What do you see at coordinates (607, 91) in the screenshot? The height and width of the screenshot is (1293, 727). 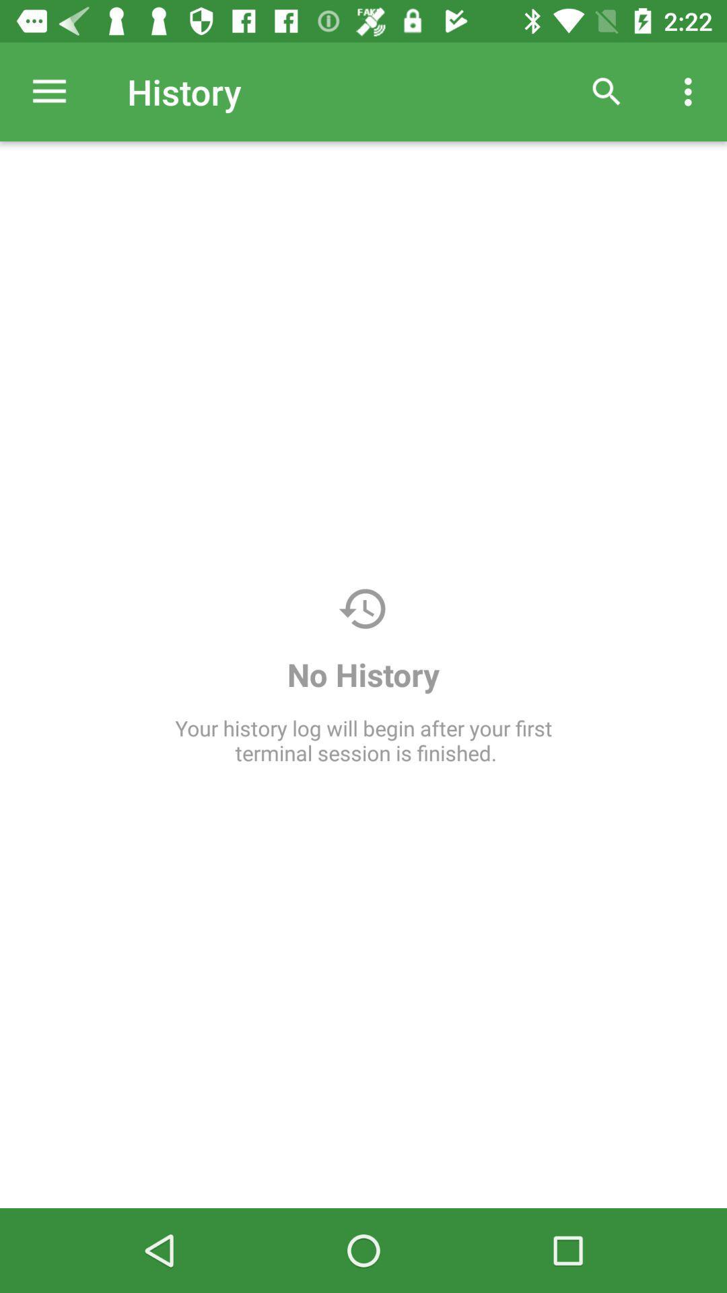 I see `icon next to history item` at bounding box center [607, 91].